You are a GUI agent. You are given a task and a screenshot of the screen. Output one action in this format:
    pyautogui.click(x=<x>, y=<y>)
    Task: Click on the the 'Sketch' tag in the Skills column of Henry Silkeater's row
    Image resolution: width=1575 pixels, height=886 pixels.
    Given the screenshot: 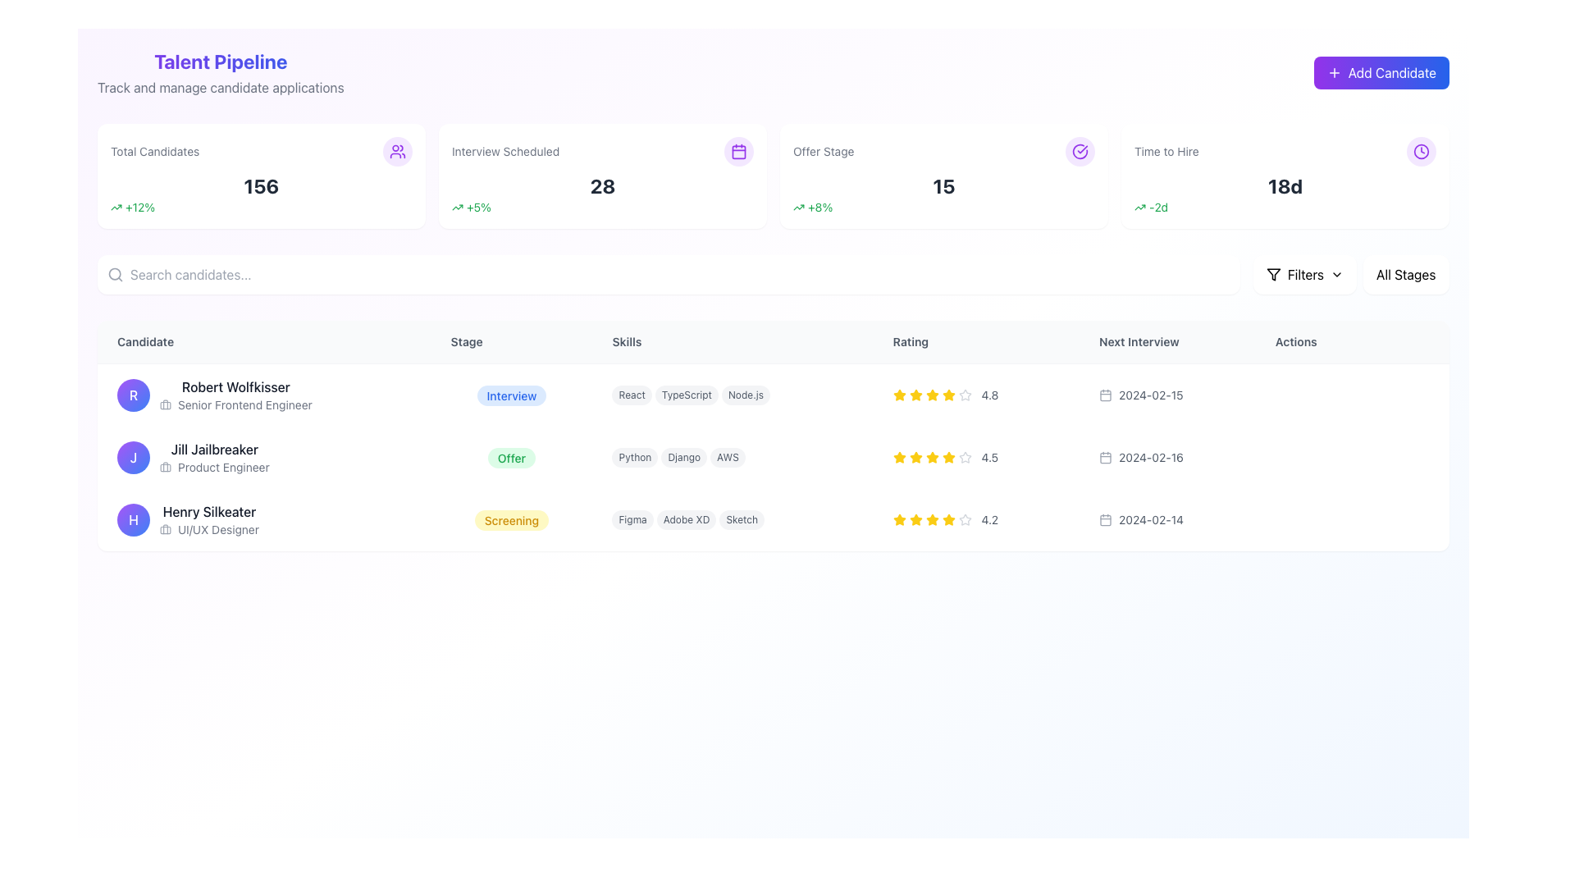 What is the action you would take?
    pyautogui.click(x=732, y=519)
    